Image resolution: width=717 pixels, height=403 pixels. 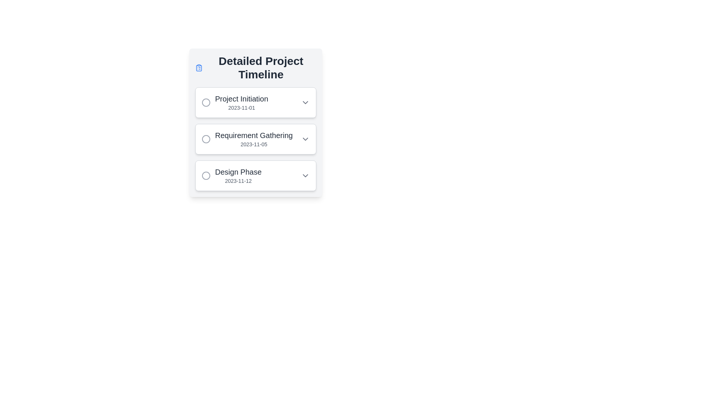 I want to click on the third text label in the 'Detailed Project Timeline' section, which identifies a specific stage in the project and is positioned directly above the date label '2023-11-12', so click(x=238, y=172).